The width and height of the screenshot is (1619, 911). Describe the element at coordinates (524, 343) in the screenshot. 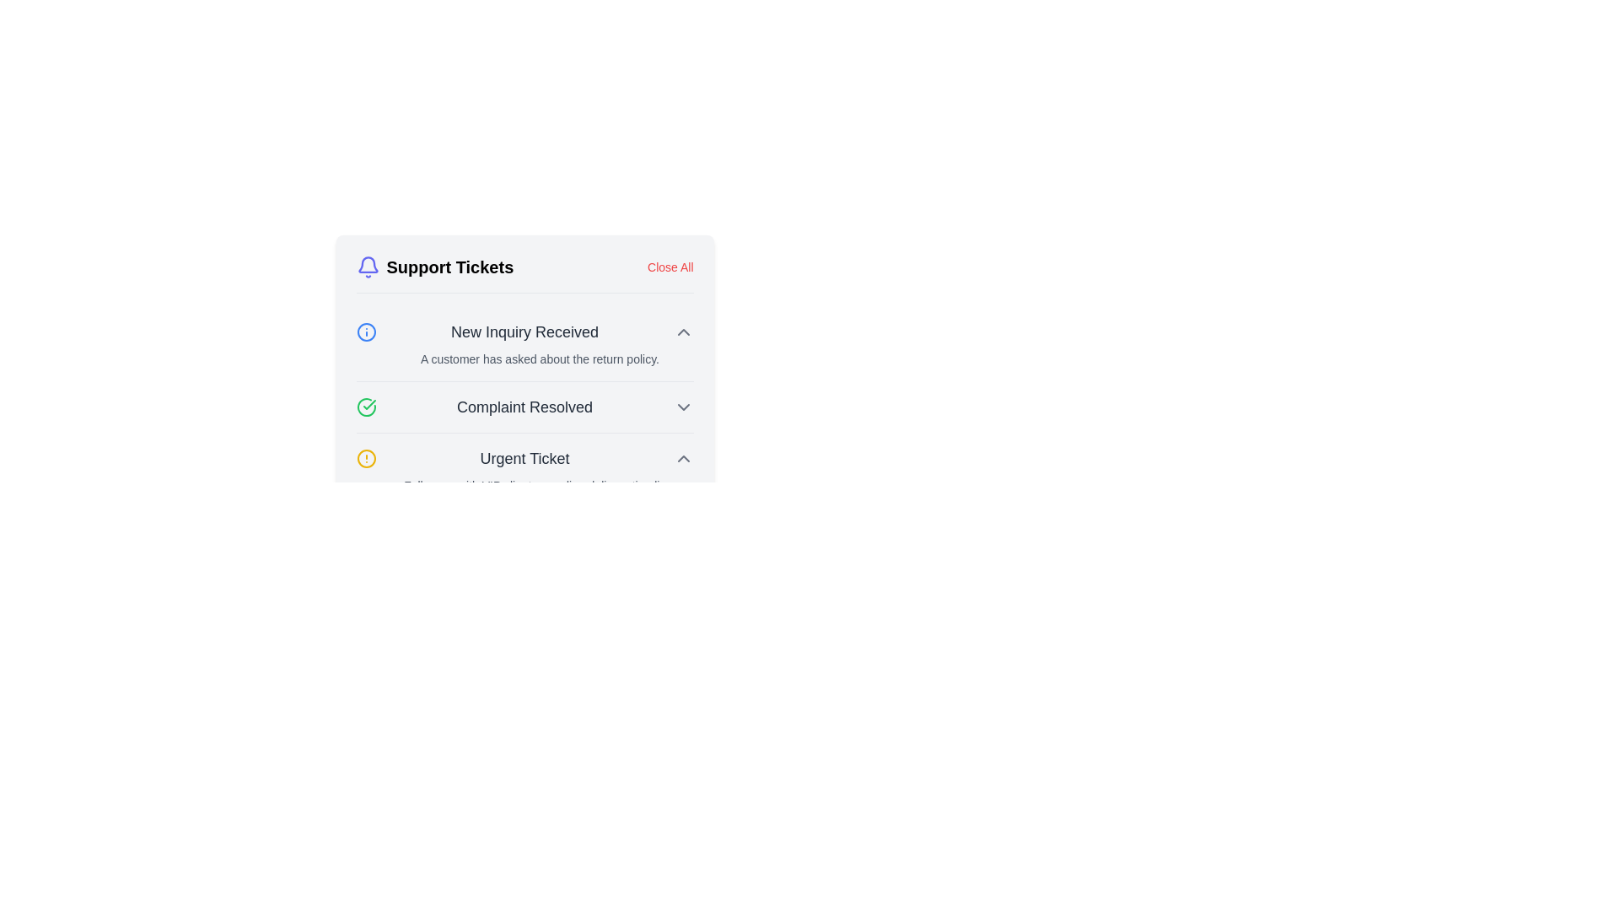

I see `the collapsible item with the heading 'New Inquiry Received', which includes a blue circular icon on the left and a caret icon on the right` at that location.